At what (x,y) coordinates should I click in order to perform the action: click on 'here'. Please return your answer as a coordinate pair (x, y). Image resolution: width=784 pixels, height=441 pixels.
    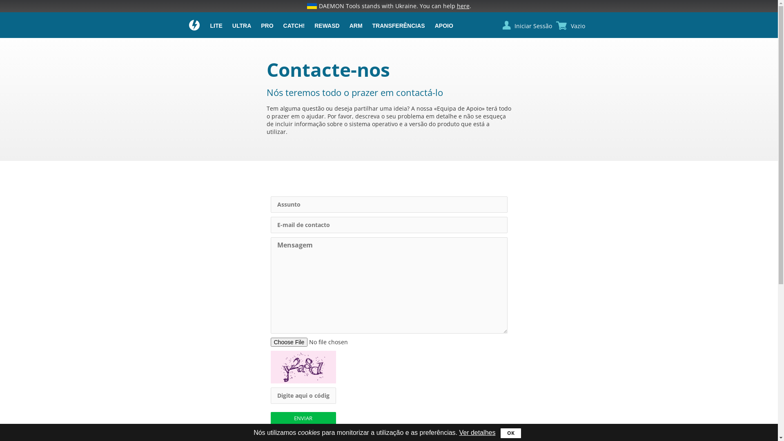
    Looking at the image, I should click on (463, 6).